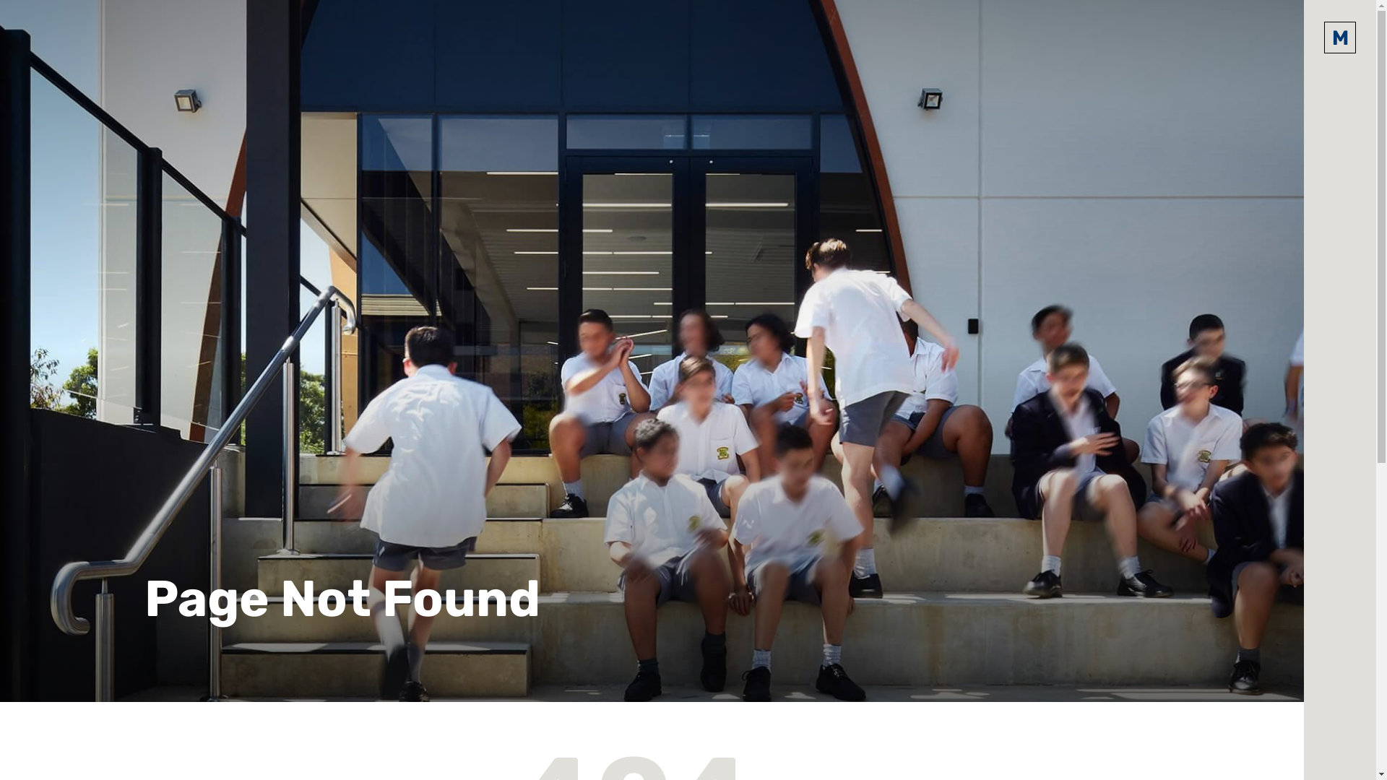  Describe the element at coordinates (1339, 36) in the screenshot. I see `'M` at that location.